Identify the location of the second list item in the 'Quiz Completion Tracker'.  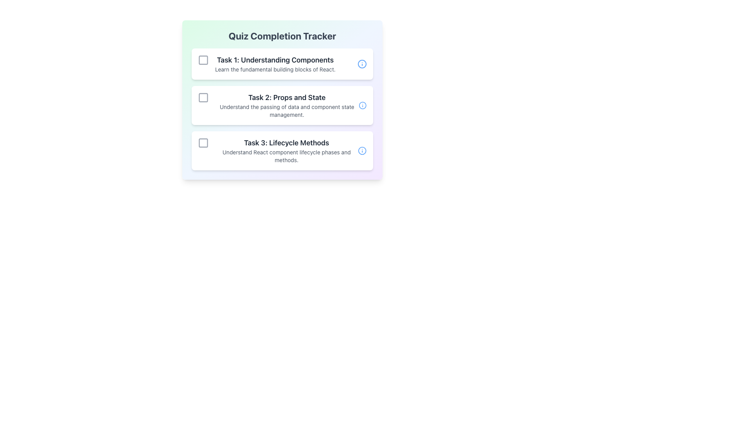
(286, 105).